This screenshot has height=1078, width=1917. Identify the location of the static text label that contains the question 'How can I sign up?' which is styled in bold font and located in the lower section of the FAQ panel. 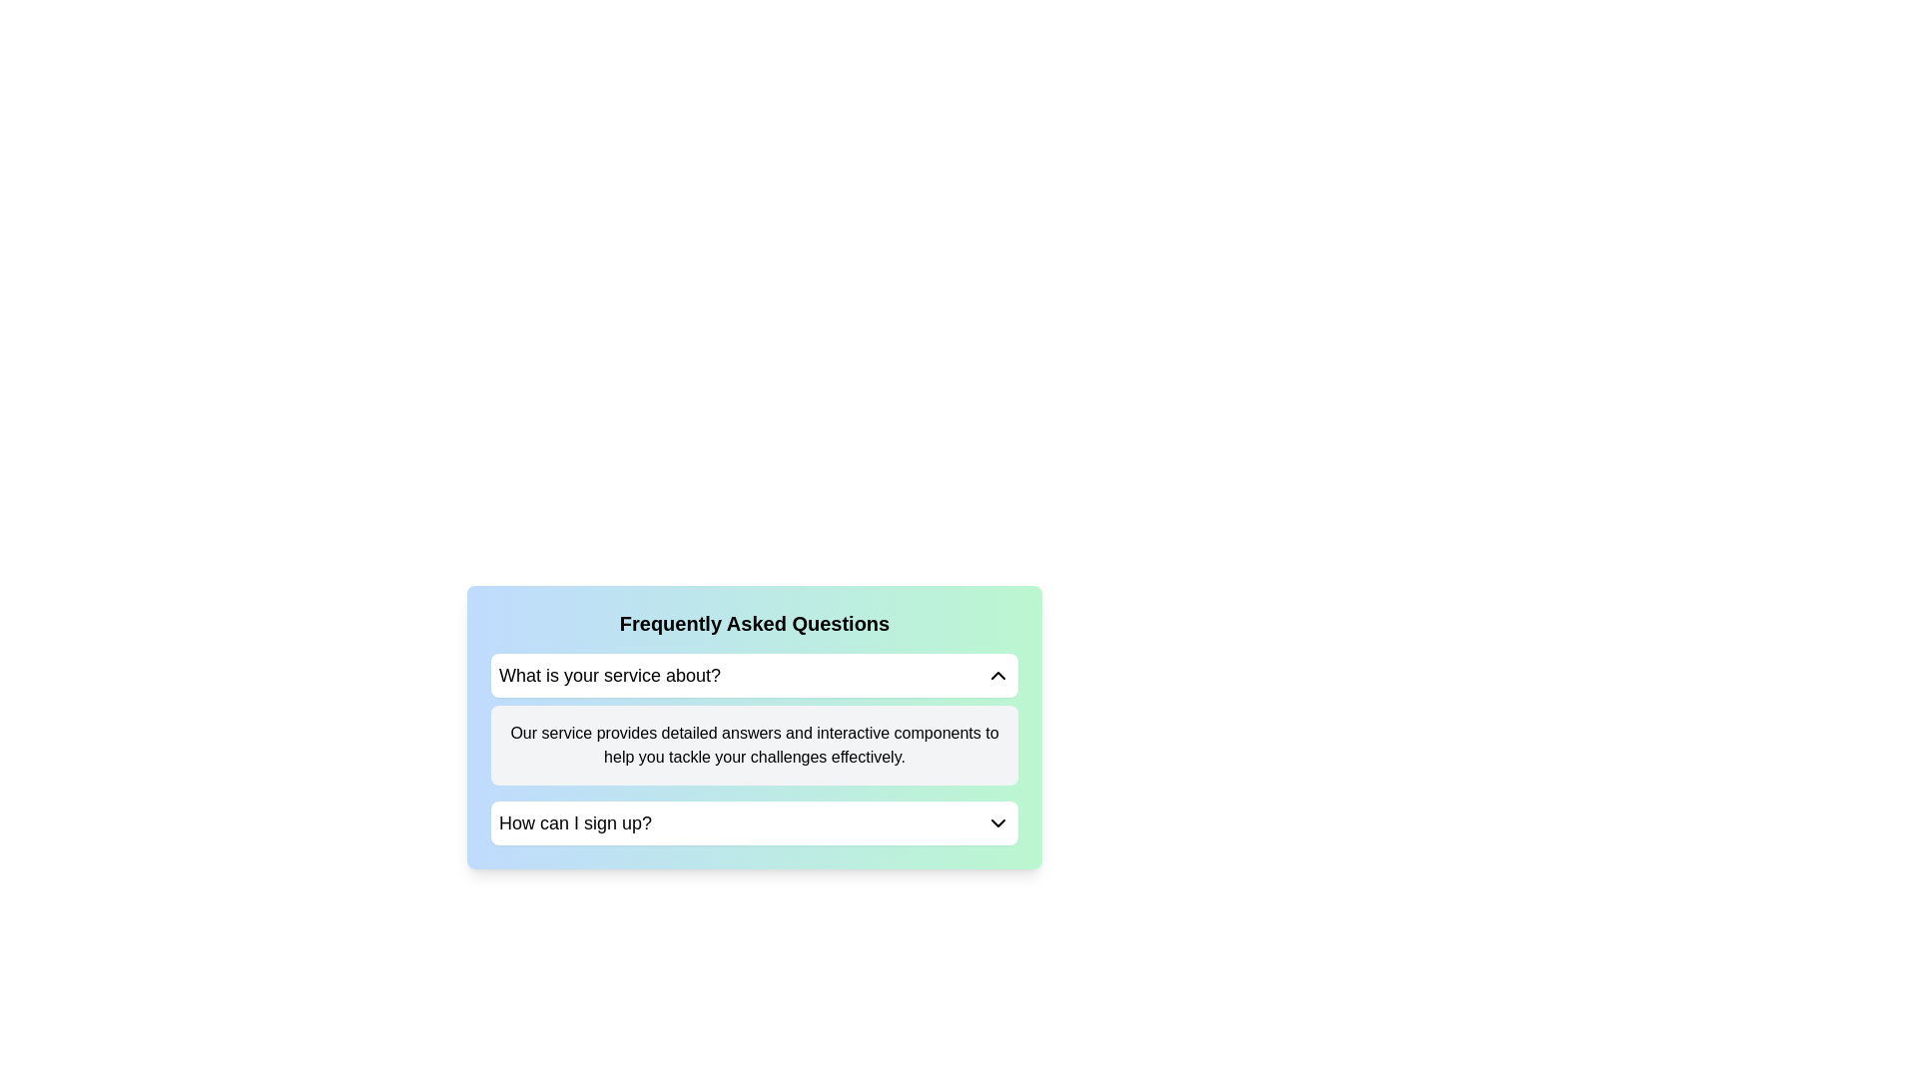
(574, 823).